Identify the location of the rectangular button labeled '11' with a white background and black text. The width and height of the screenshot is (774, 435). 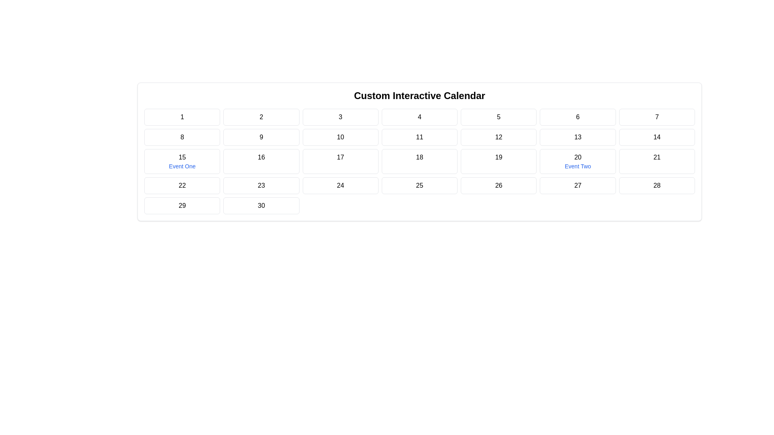
(419, 137).